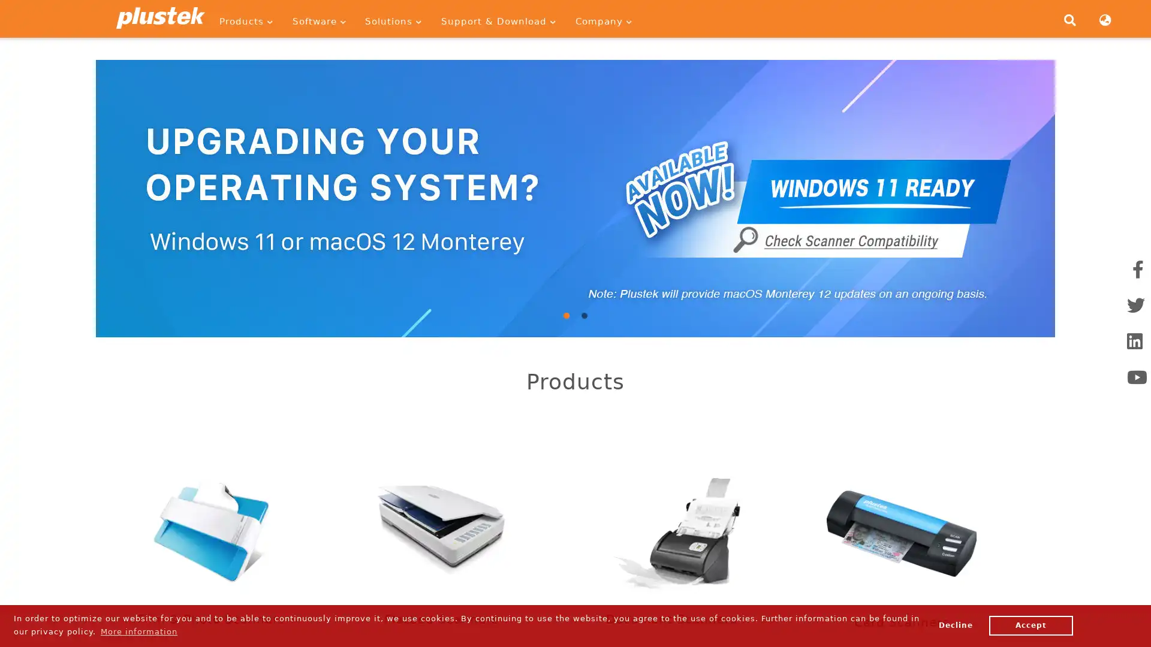 The width and height of the screenshot is (1151, 647). Describe the element at coordinates (138, 631) in the screenshot. I see `learn more about cookies` at that location.